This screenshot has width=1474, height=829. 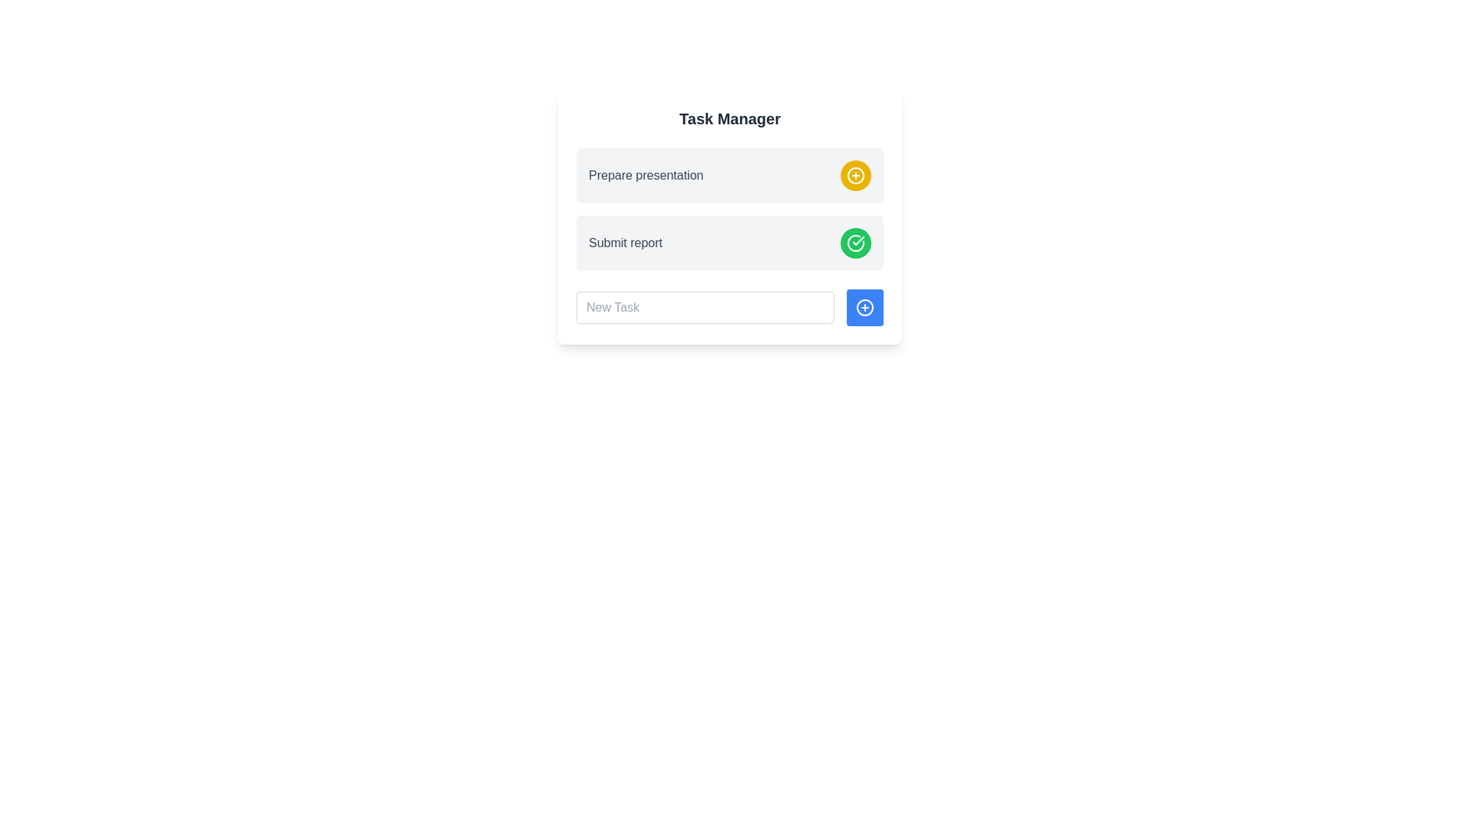 I want to click on the action button located in the bottom right corner of the 'Submit report' section, so click(x=854, y=242).